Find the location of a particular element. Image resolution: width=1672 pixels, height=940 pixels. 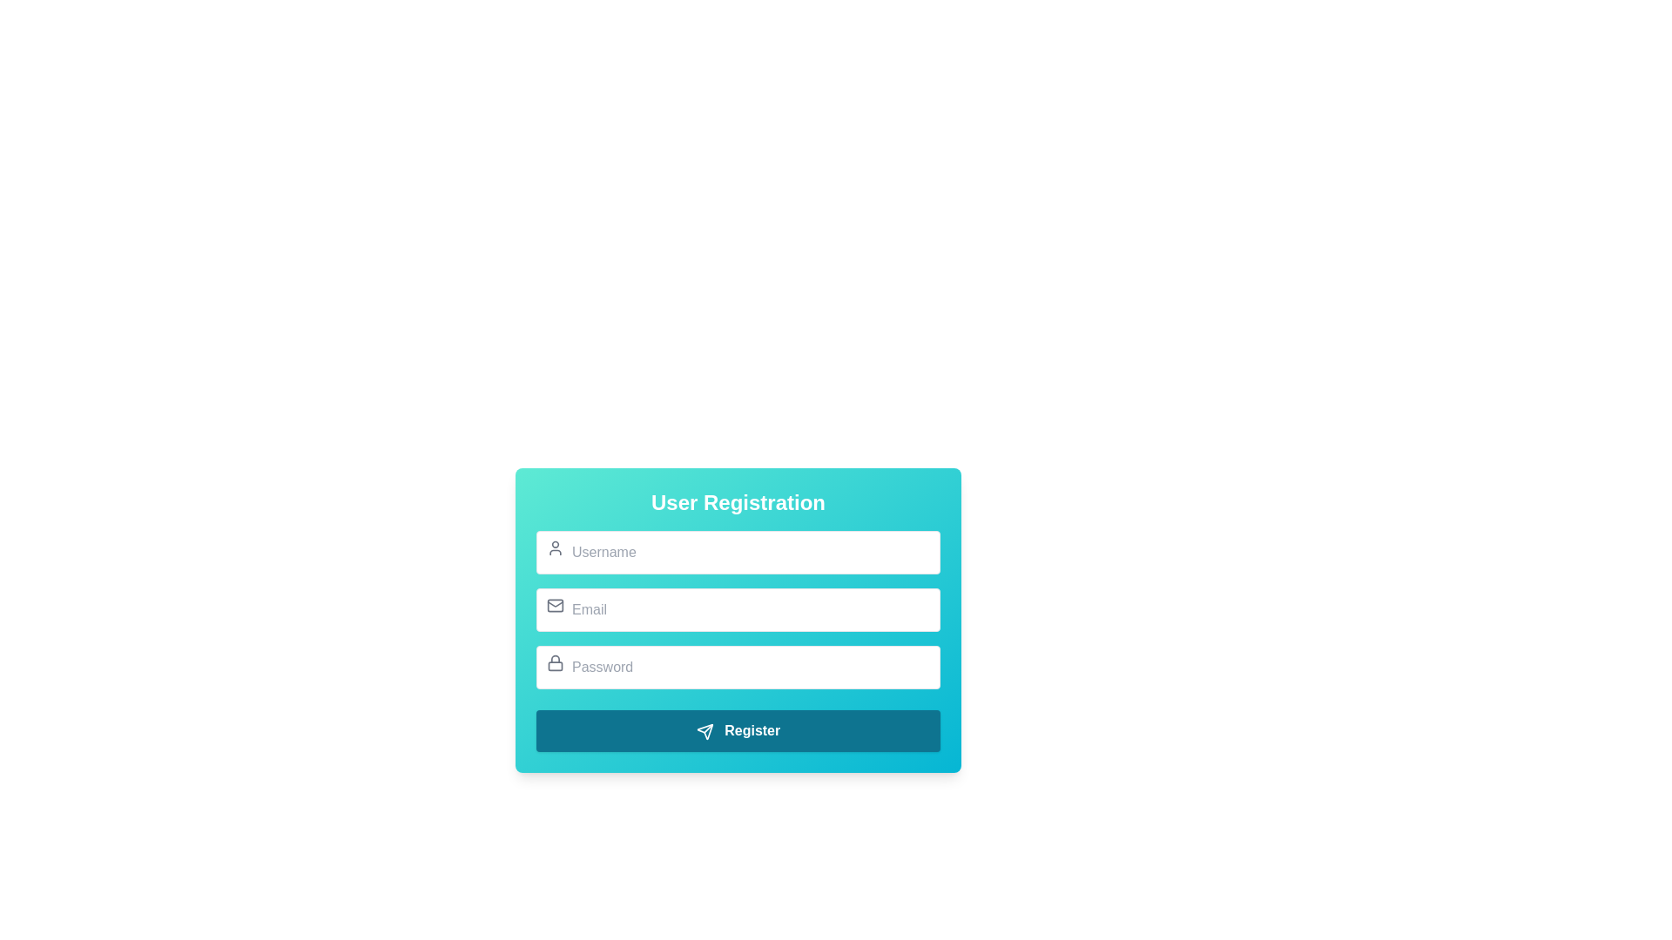

the email input field icon, which serves as a visual cue for users to identify the email input field in the 'User Registration' form is located at coordinates (555, 604).